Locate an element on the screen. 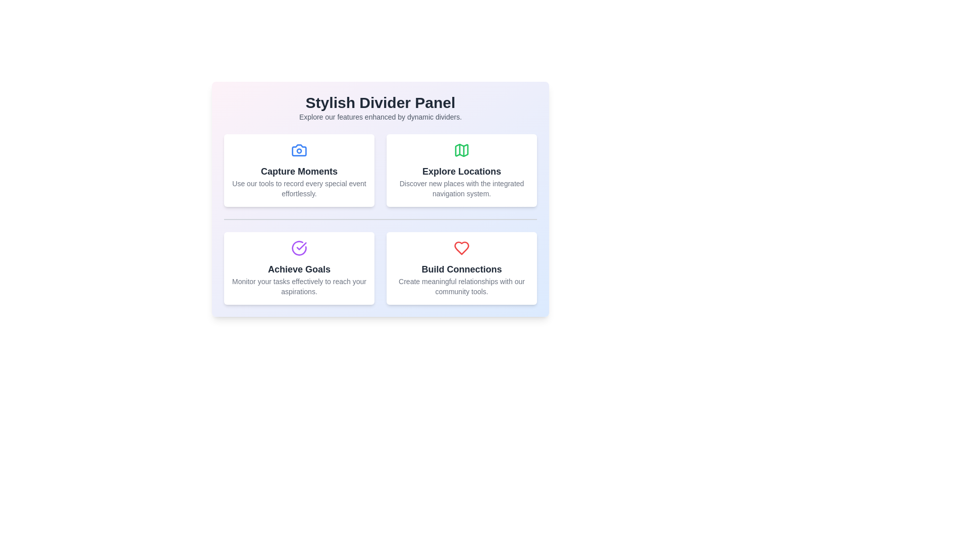 This screenshot has width=969, height=545. the text label displaying 'Build Connections' in the bottom-right card of the grid layout for reading is located at coordinates (461, 268).